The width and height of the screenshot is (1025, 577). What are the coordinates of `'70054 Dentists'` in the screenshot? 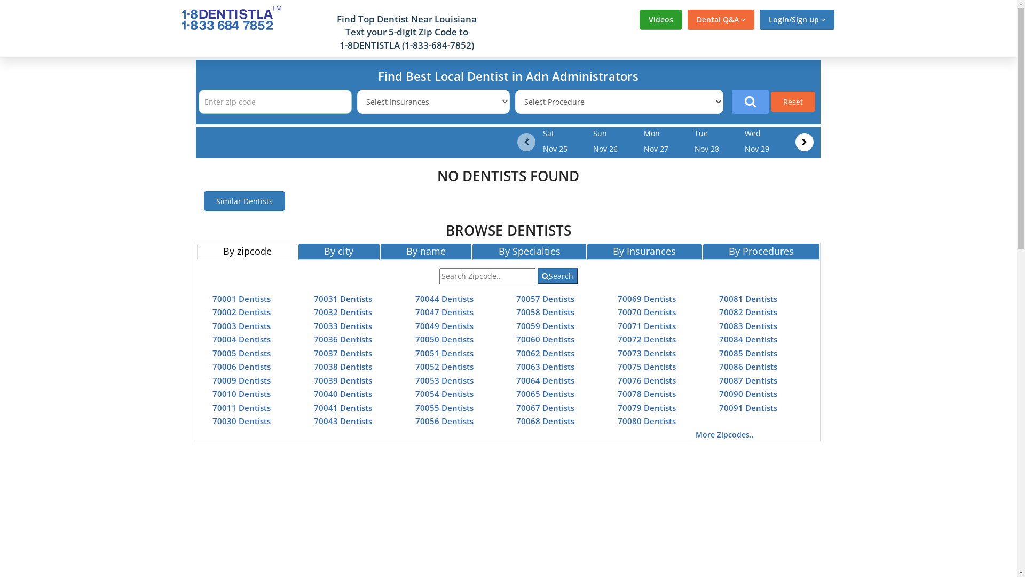 It's located at (414, 393).